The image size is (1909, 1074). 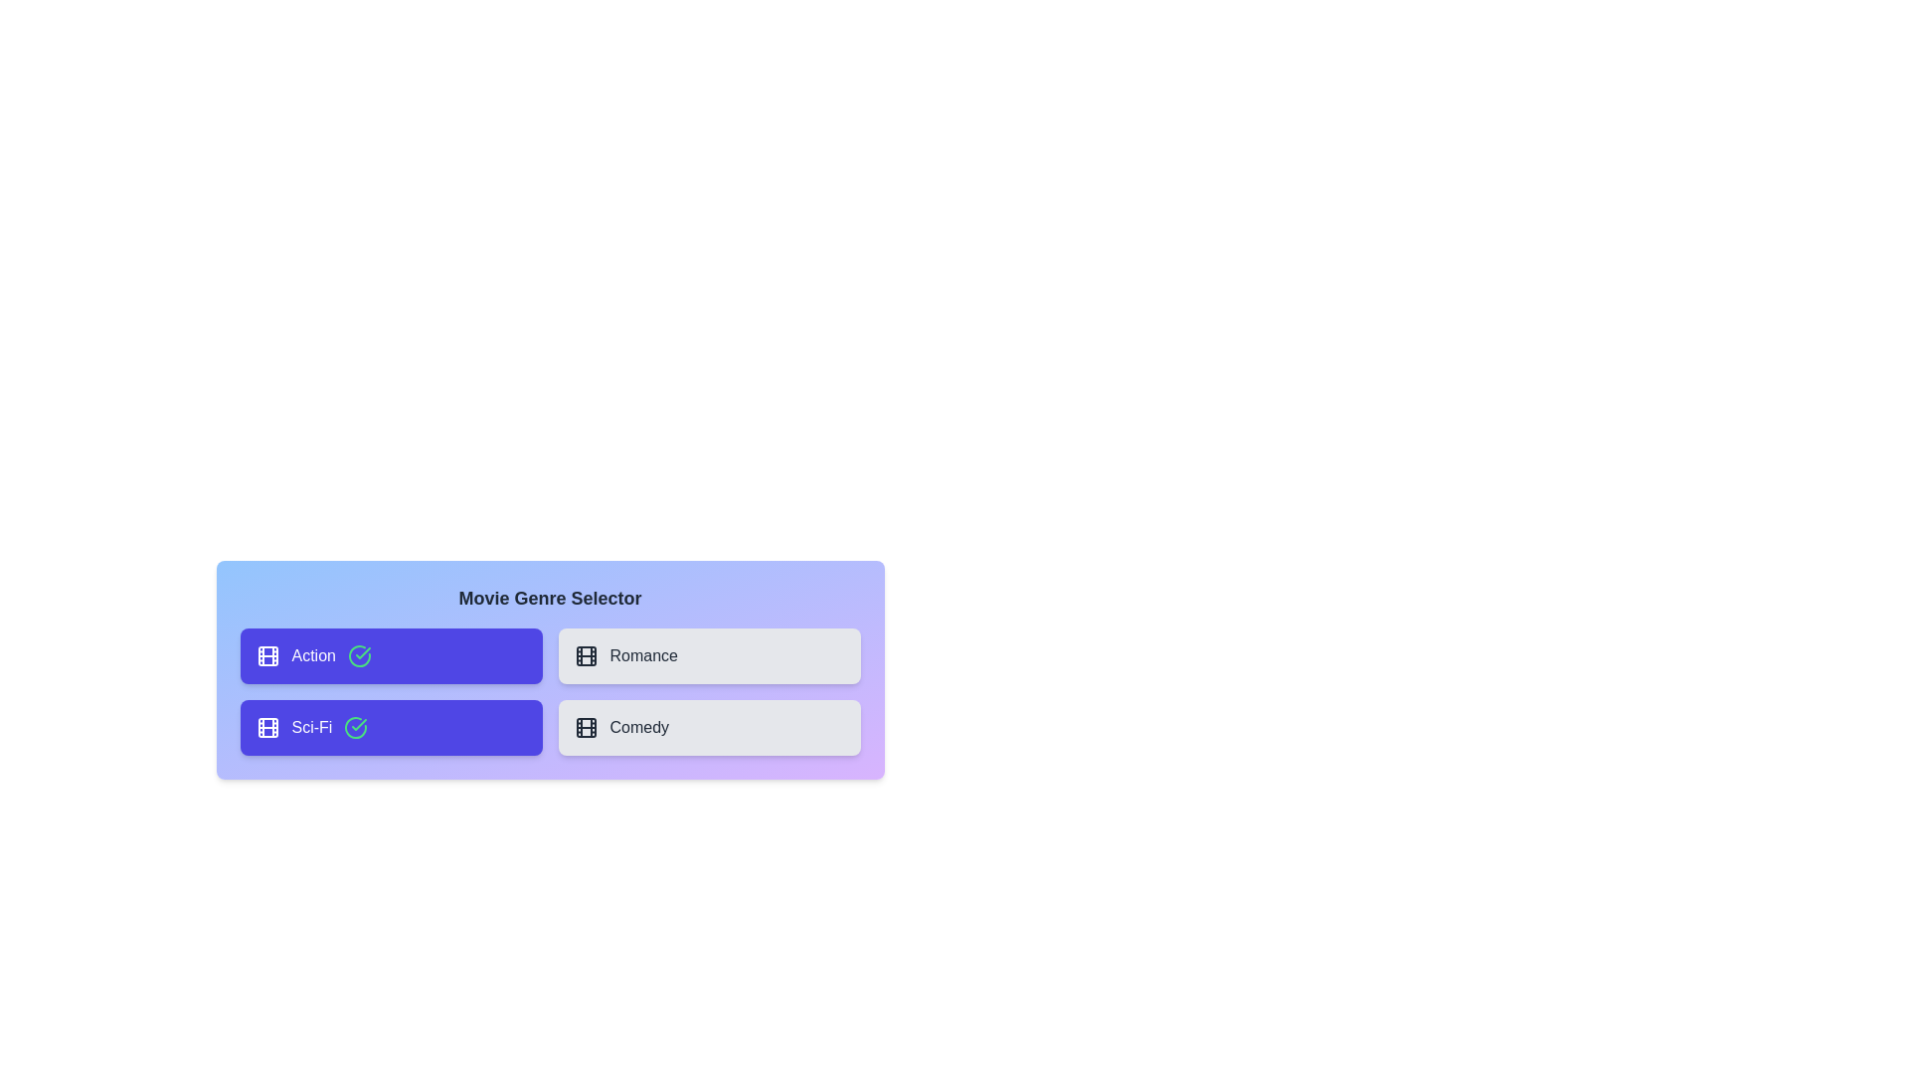 What do you see at coordinates (709, 655) in the screenshot?
I see `the genre Romance by clicking its button` at bounding box center [709, 655].